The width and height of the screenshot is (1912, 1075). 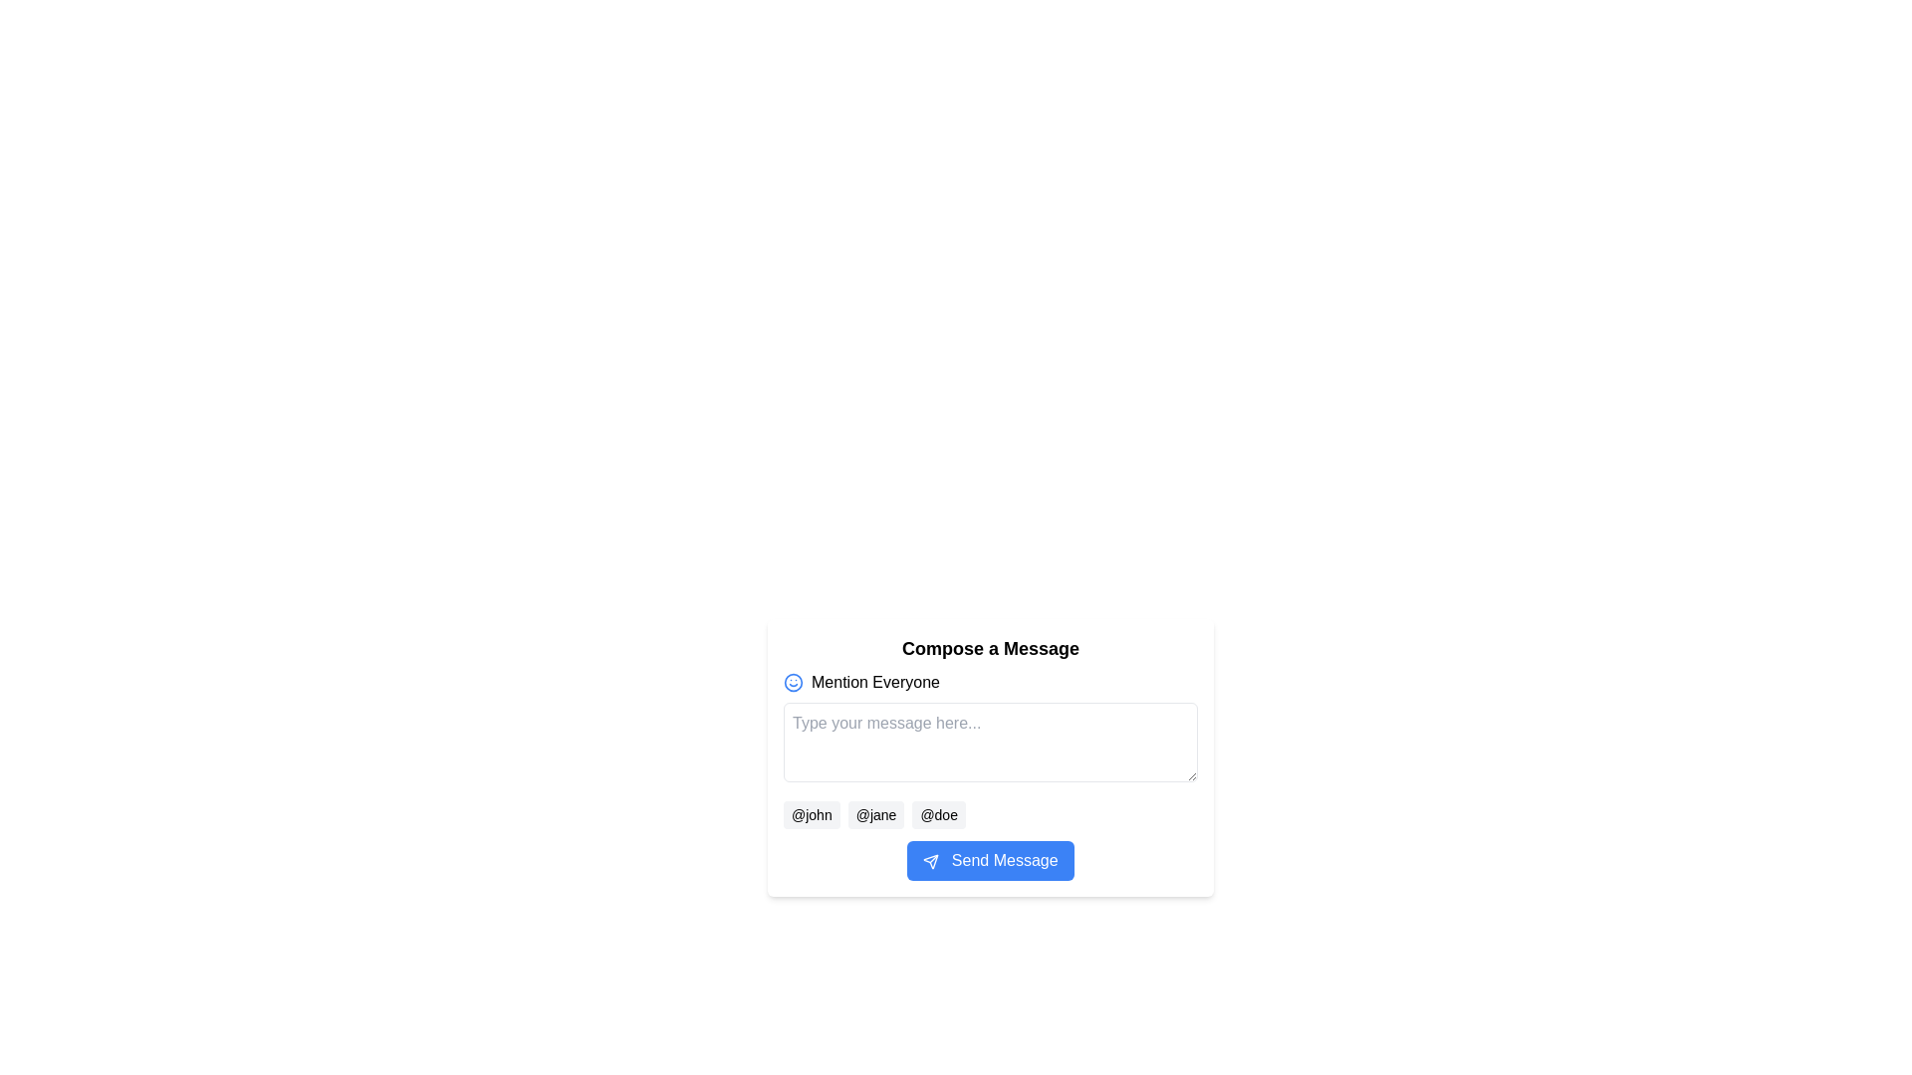 What do you see at coordinates (930, 860) in the screenshot?
I see `the paper airplane icon located within the blue 'Send Message' button at the bottom-right section of the messaging interface` at bounding box center [930, 860].